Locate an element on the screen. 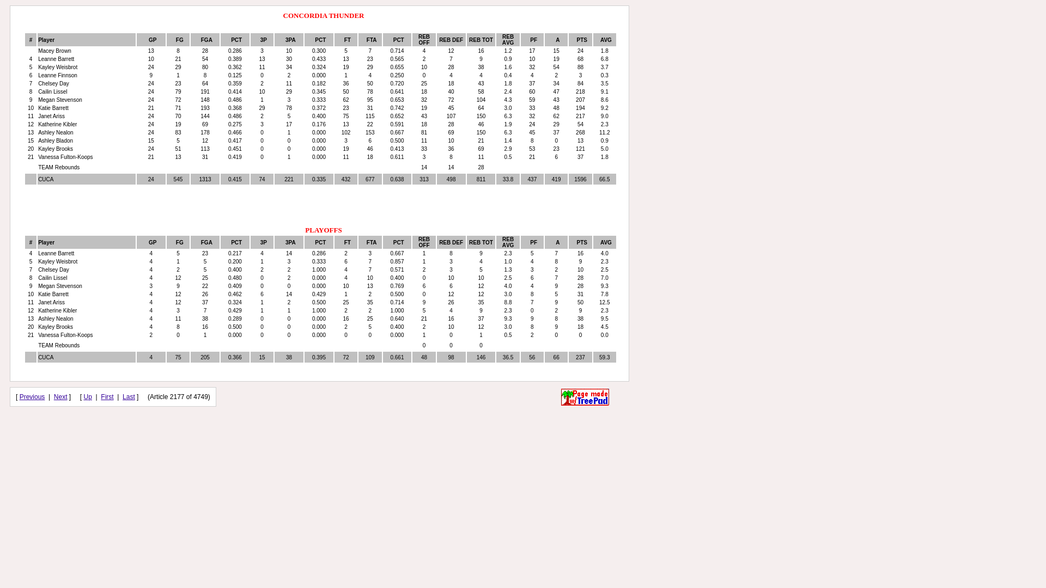  'Up' is located at coordinates (88, 397).